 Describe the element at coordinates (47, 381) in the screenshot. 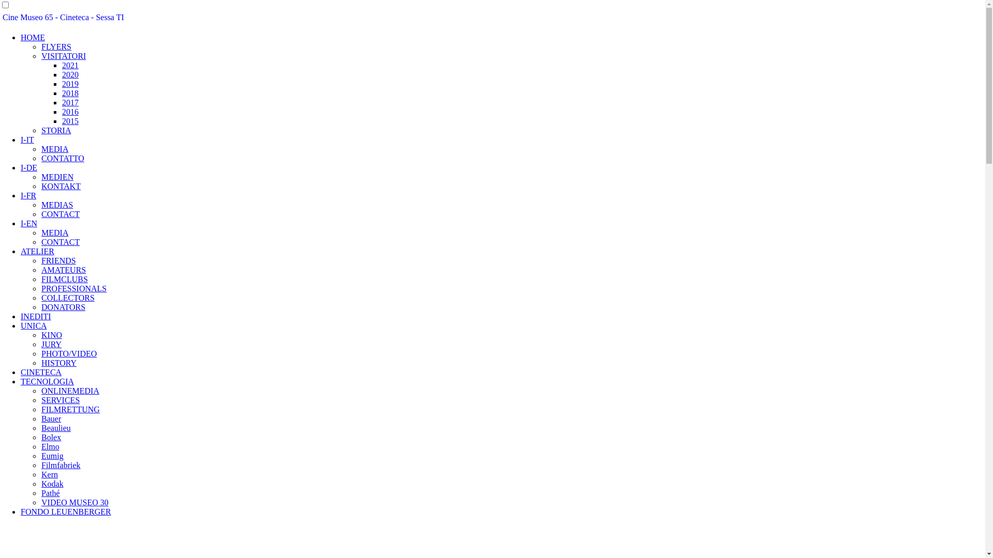

I see `'TECNOLOGIA'` at that location.